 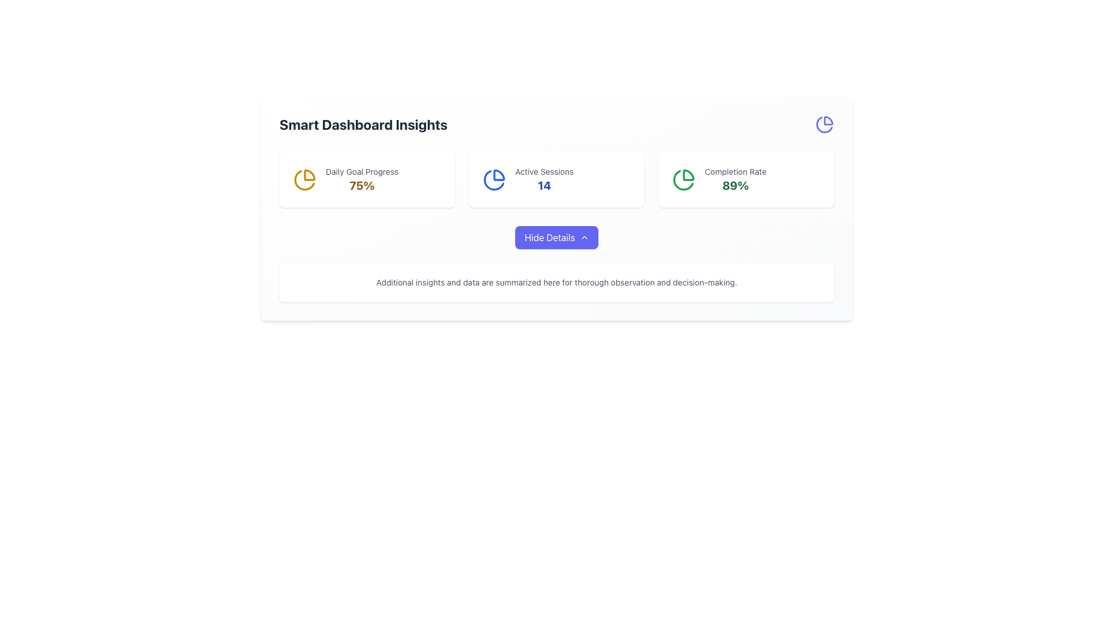 I want to click on bold text percentage value '89%' located in the third card from the left, directly below 'Completion Rate' in the dashboard section, so click(x=735, y=185).